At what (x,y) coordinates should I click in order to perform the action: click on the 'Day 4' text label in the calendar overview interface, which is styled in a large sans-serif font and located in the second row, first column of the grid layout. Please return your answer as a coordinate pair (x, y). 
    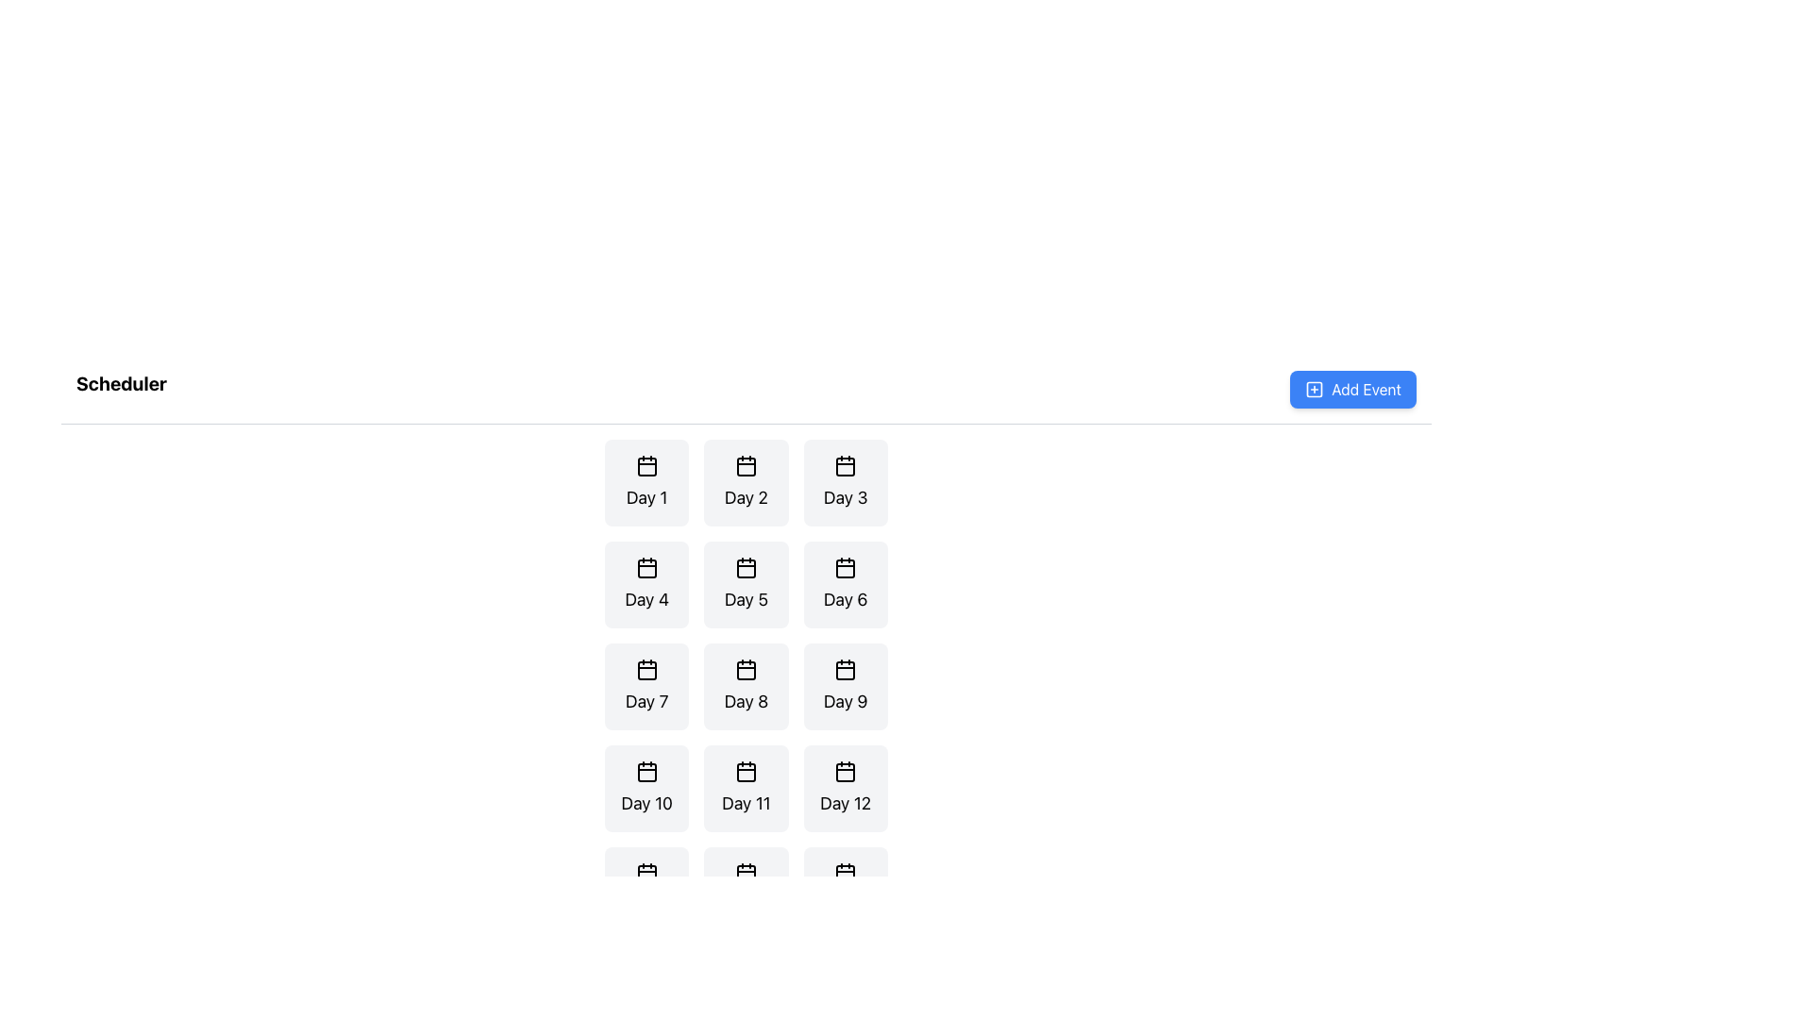
    Looking at the image, I should click on (646, 600).